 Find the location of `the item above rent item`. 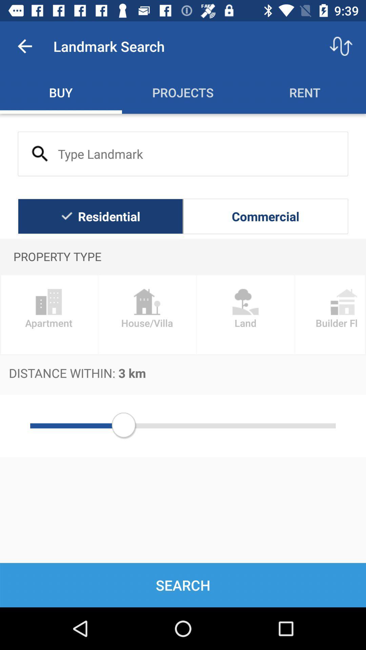

the item above rent item is located at coordinates (341, 46).